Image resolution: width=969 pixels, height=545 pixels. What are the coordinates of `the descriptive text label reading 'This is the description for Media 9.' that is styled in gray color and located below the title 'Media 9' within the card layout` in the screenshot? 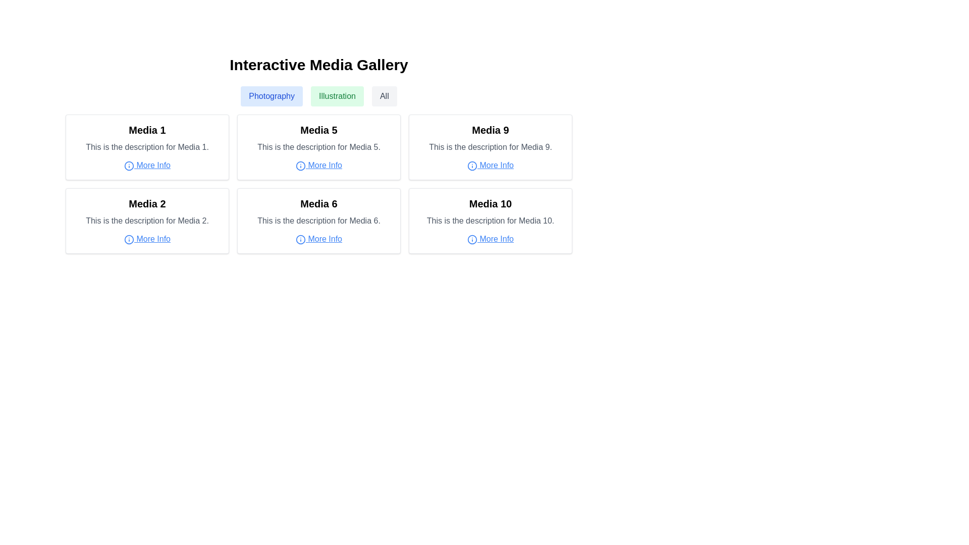 It's located at (490, 147).